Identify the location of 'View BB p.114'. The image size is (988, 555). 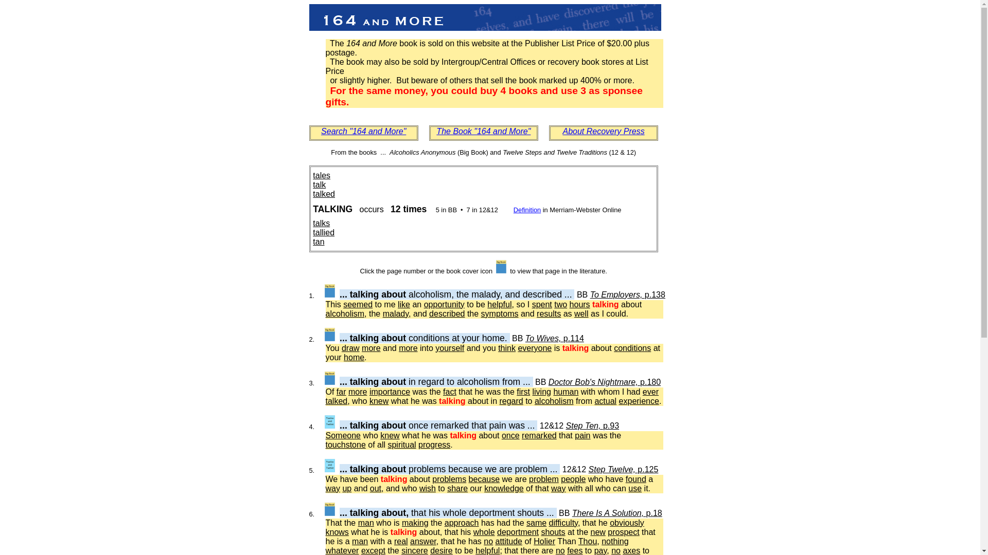
(324, 335).